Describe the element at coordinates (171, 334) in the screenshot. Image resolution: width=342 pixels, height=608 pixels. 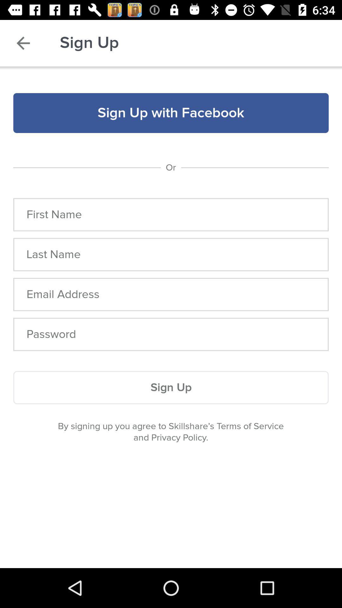
I see `password` at that location.